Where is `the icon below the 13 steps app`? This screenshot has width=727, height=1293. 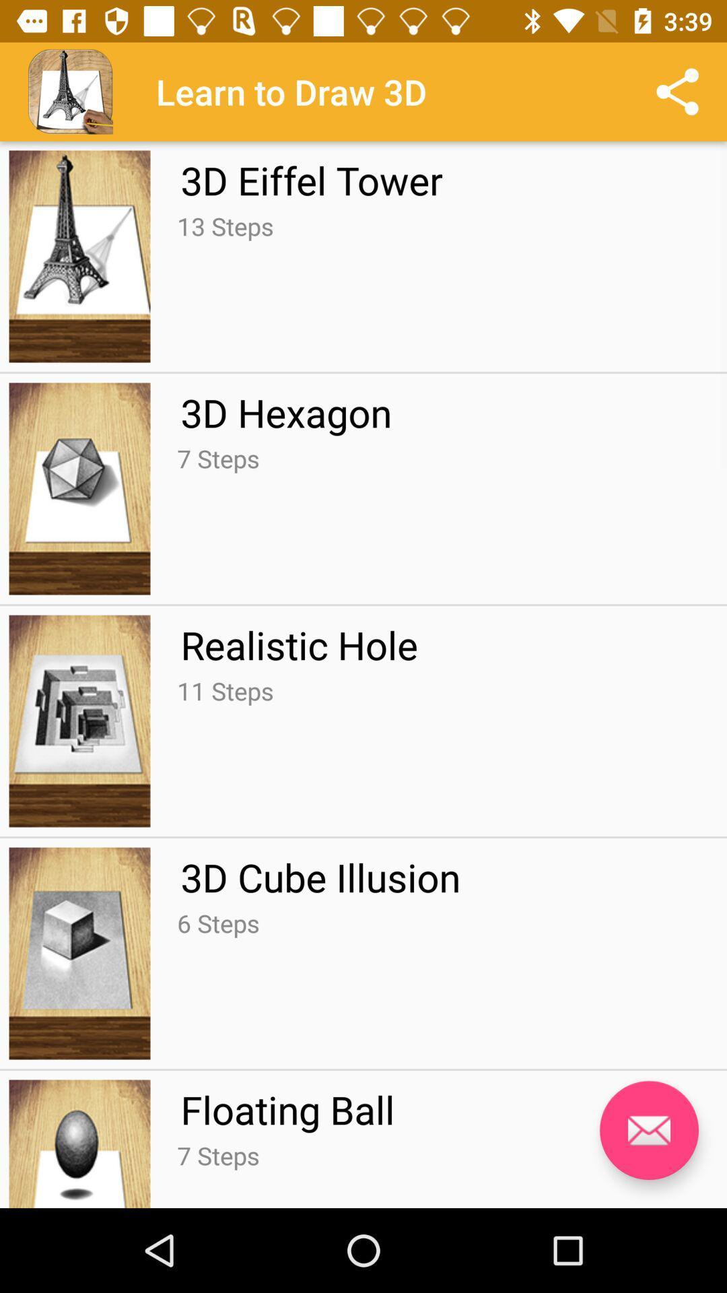
the icon below the 13 steps app is located at coordinates (285, 411).